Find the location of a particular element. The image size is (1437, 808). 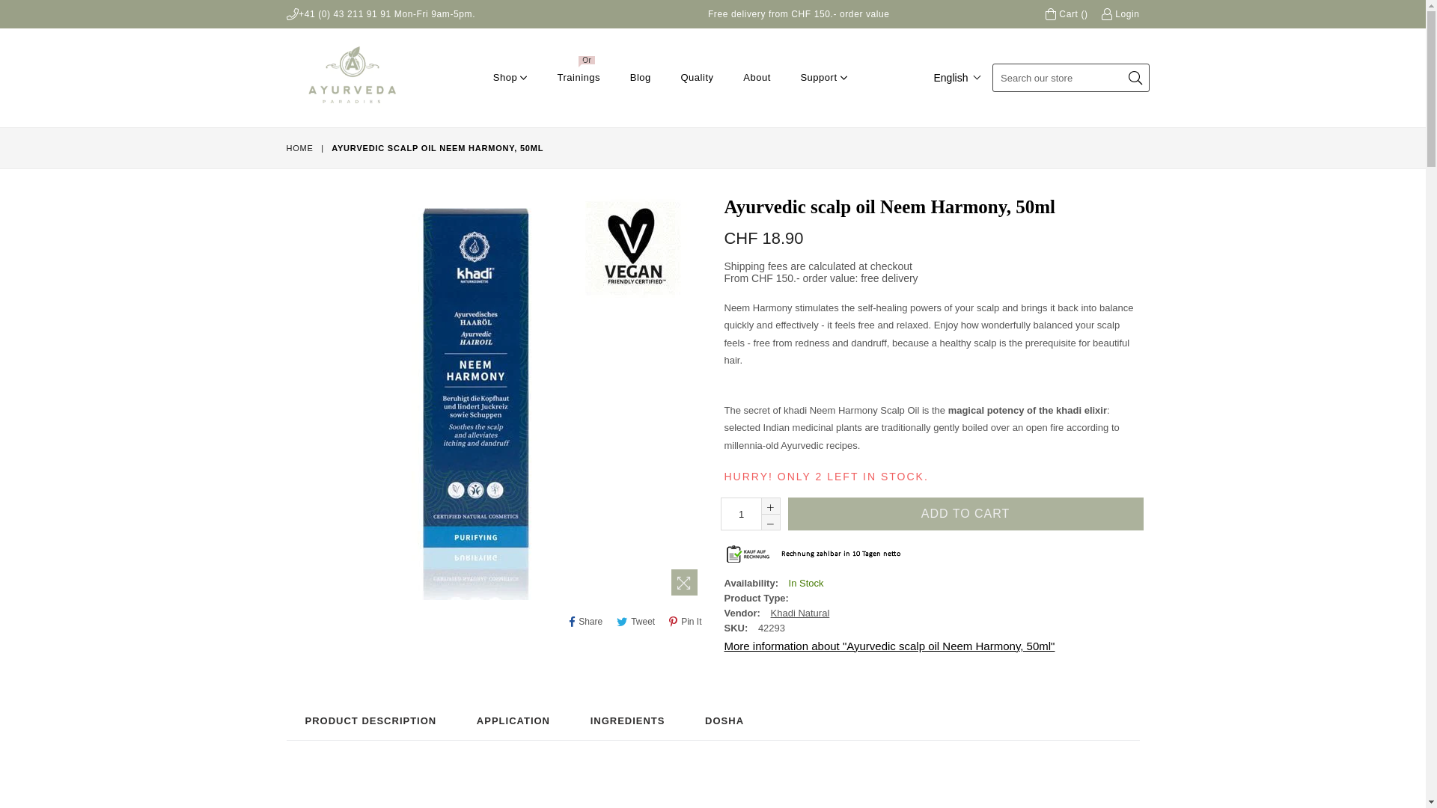

'Trainings is located at coordinates (577, 78).